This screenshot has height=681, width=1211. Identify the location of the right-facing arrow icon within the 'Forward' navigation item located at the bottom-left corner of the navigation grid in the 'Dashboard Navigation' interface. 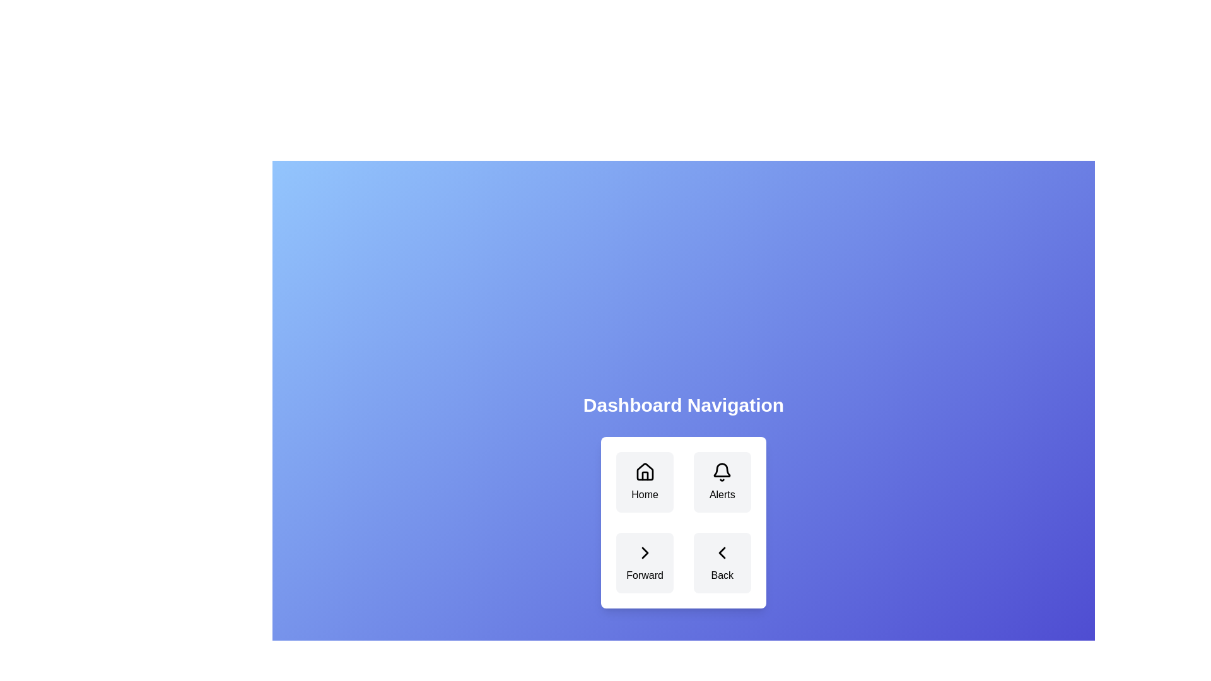
(645, 552).